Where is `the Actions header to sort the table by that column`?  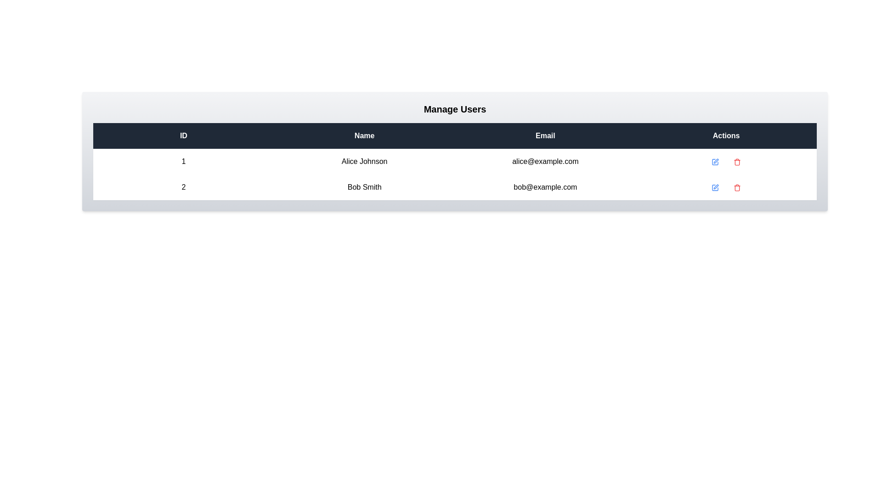
the Actions header to sort the table by that column is located at coordinates (726, 136).